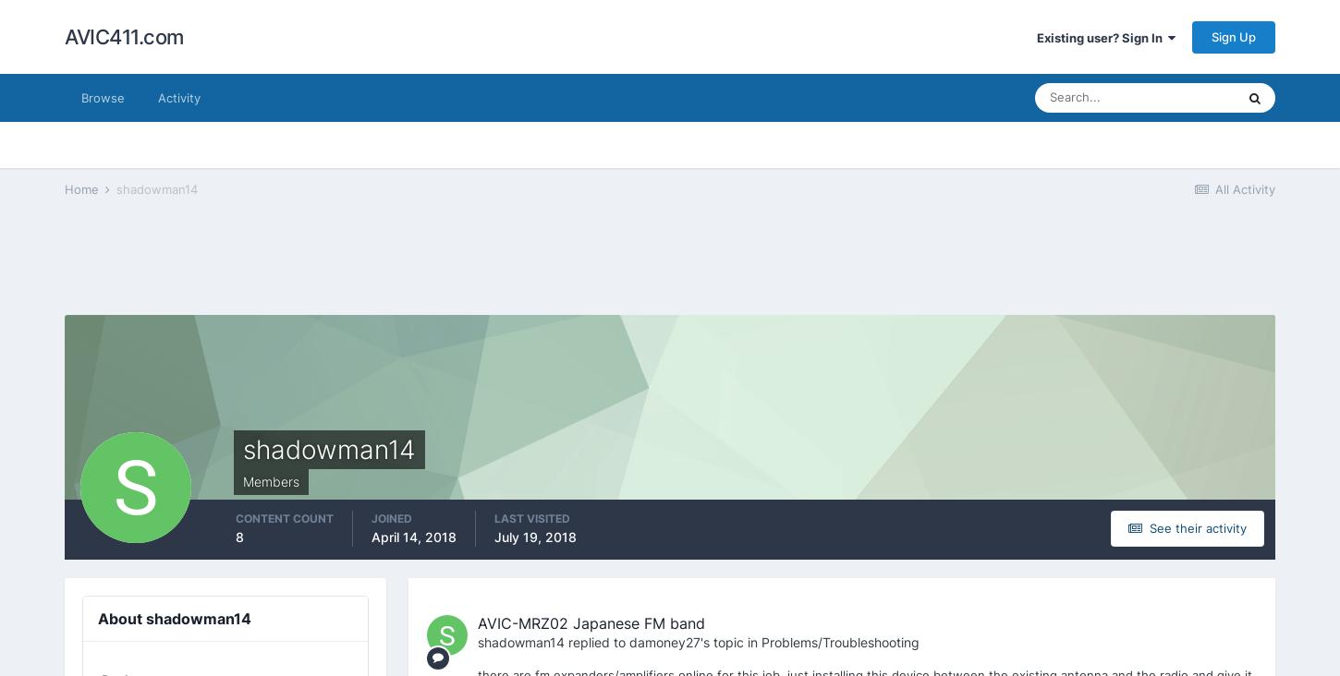  What do you see at coordinates (284, 517) in the screenshot?
I see `'Content Count'` at bounding box center [284, 517].